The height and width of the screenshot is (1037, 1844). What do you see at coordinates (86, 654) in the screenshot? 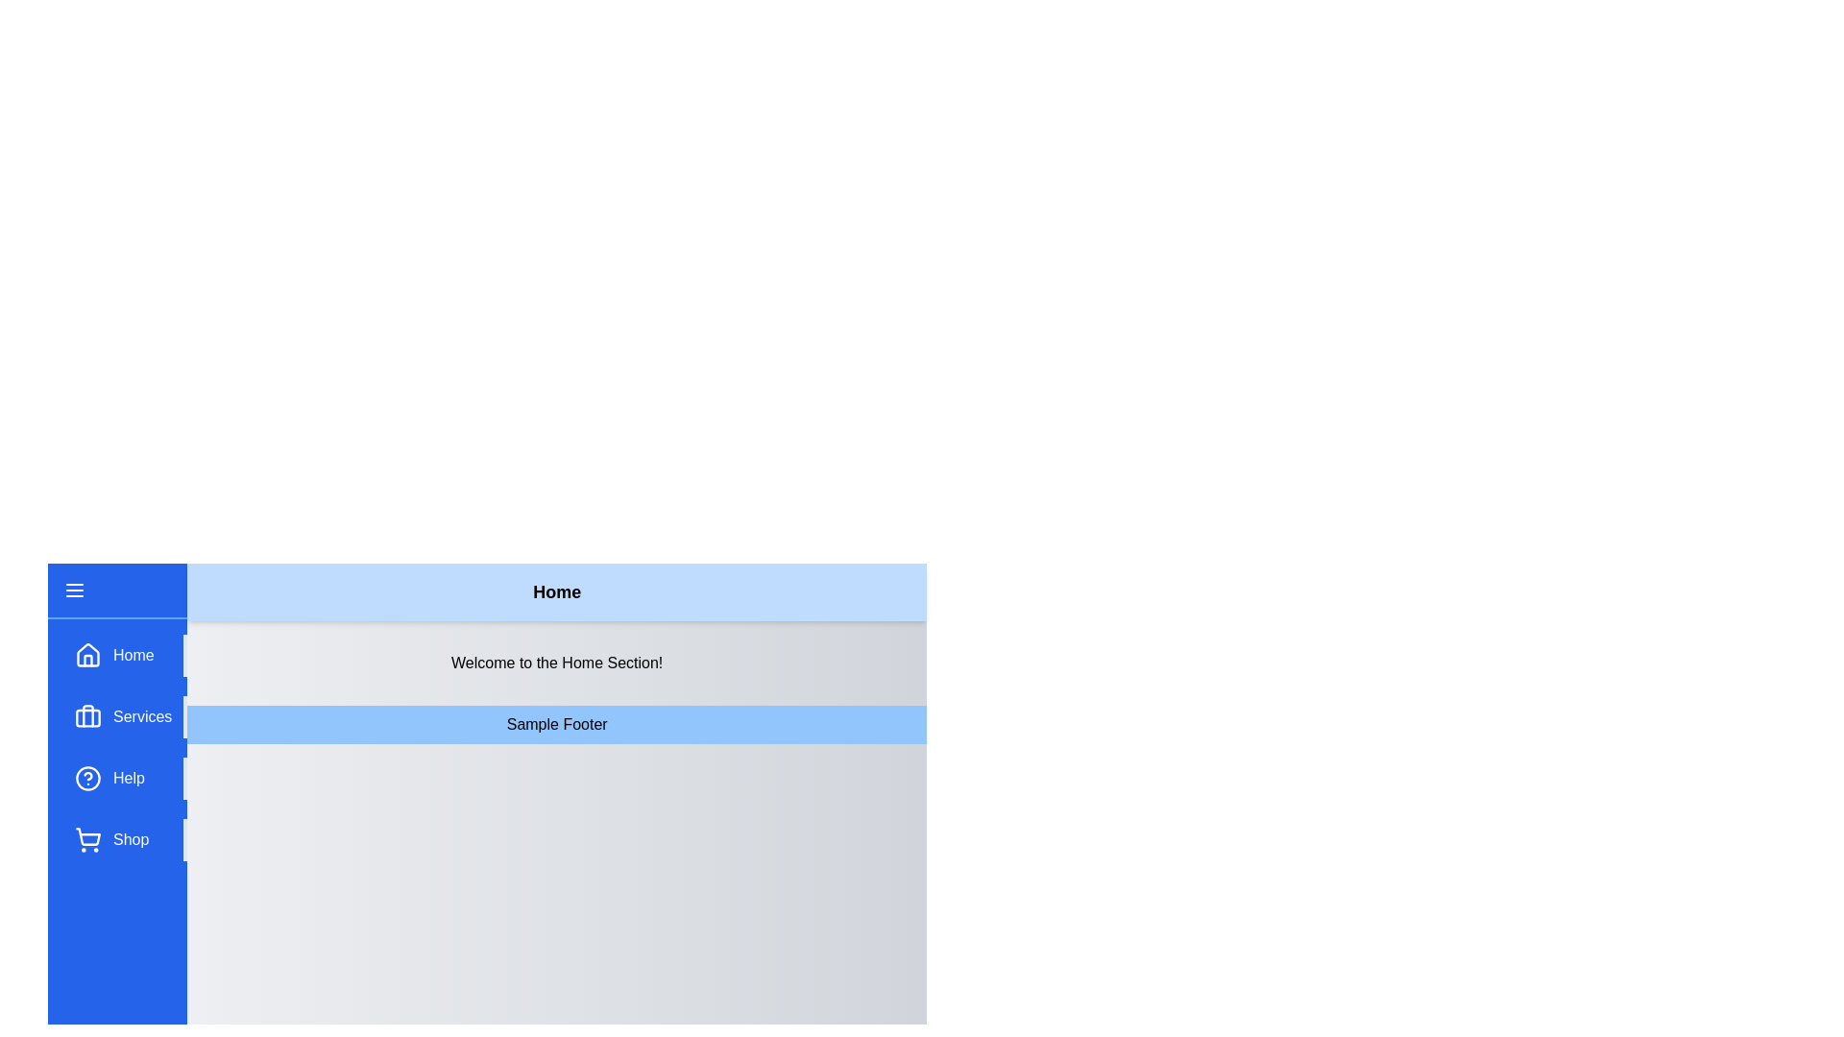
I see `the blue house icon located at the top of the left sidebar` at bounding box center [86, 654].